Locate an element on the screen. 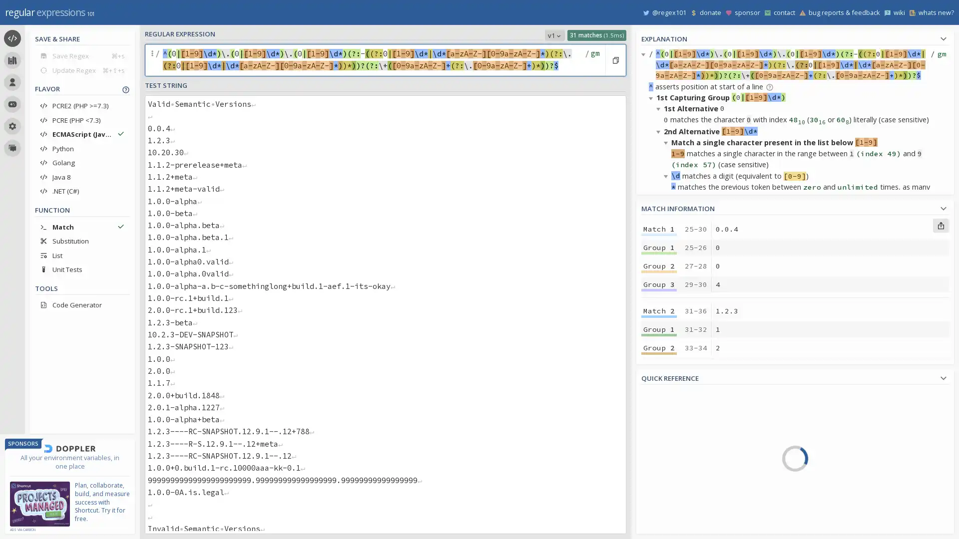  Select Regex Version is located at coordinates (554, 34).